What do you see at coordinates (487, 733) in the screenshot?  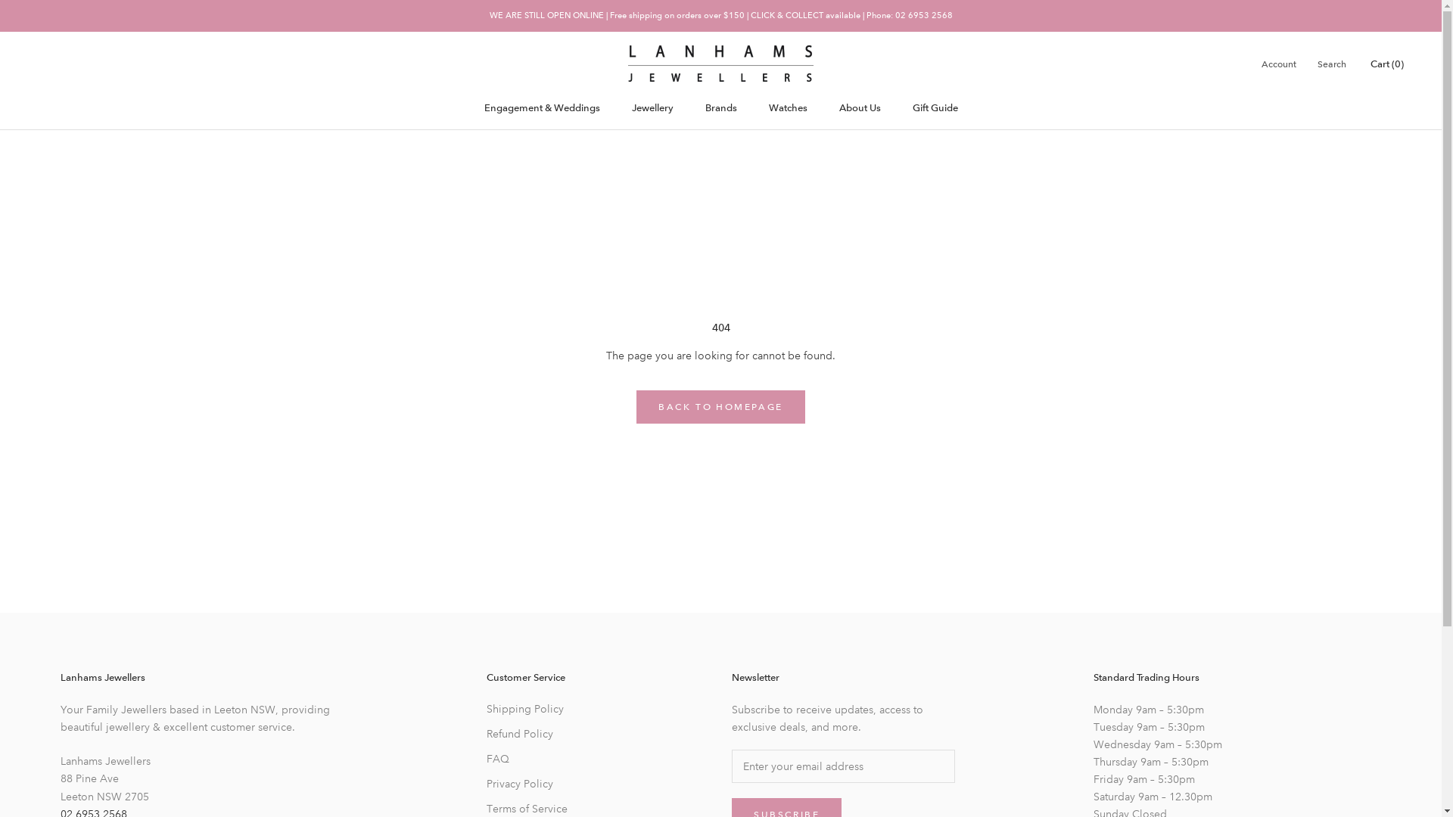 I see `'Refund Policy'` at bounding box center [487, 733].